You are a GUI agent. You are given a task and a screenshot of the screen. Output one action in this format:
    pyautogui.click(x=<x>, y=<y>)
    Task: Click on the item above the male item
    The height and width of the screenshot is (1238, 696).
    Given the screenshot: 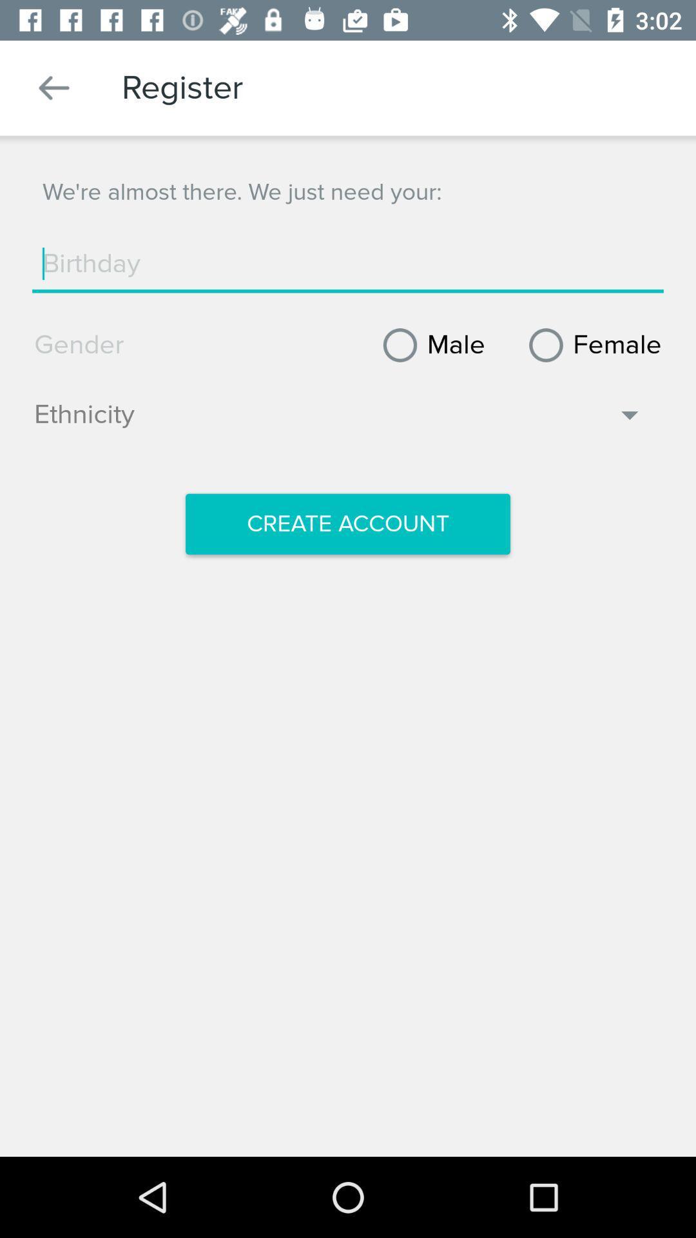 What is the action you would take?
    pyautogui.click(x=348, y=263)
    